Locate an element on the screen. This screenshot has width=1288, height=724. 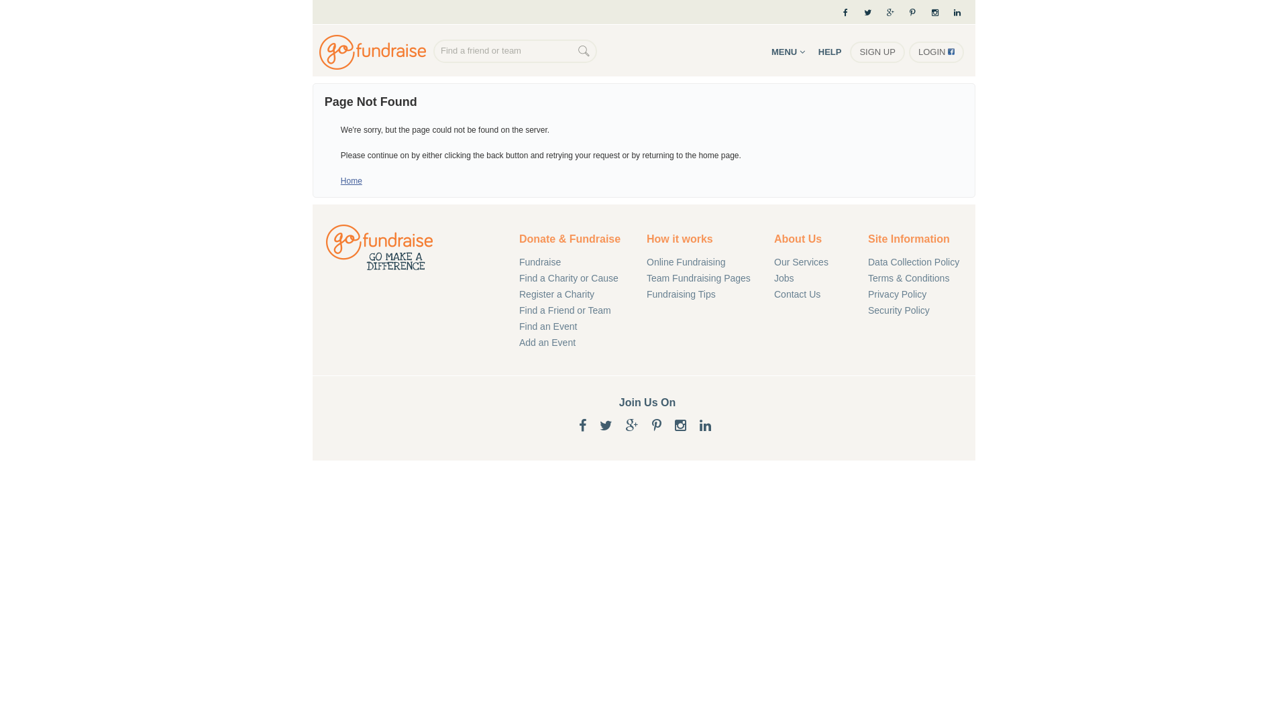
'MENU' is located at coordinates (788, 51).